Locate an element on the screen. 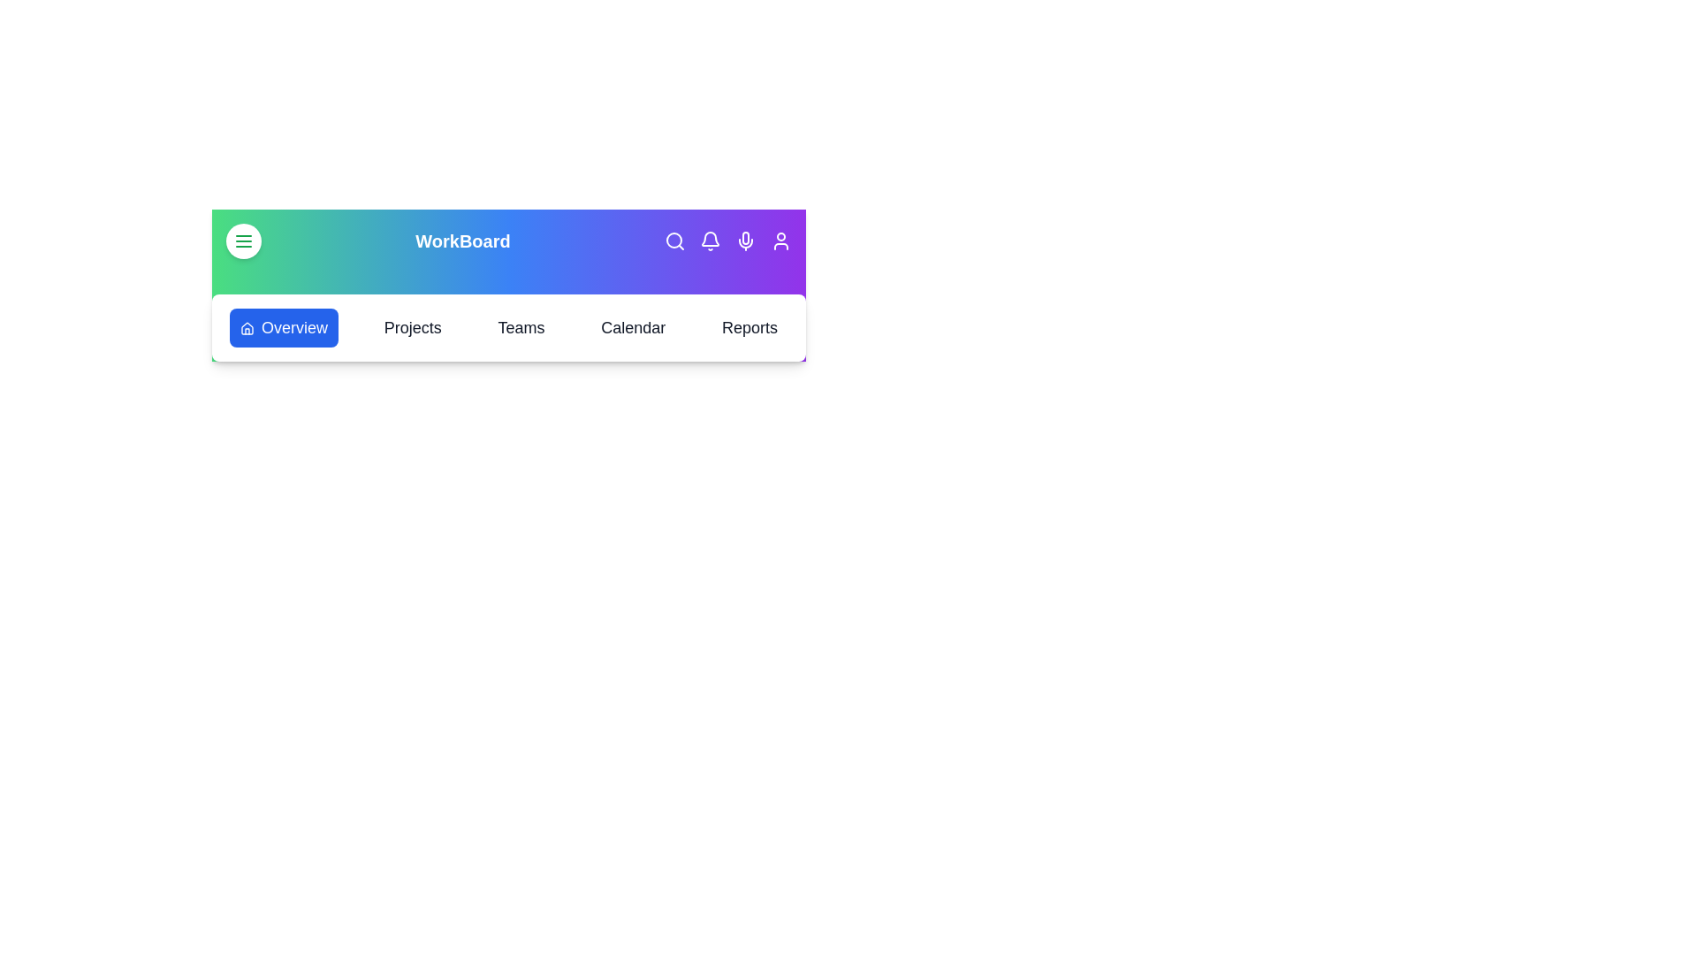 This screenshot has width=1697, height=955. the tab labeled Overview from the navigation bar is located at coordinates (284, 327).